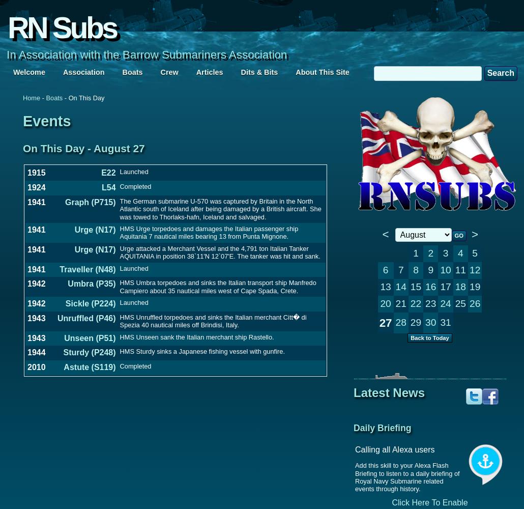 The image size is (524, 509). I want to click on '<', so click(385, 234).